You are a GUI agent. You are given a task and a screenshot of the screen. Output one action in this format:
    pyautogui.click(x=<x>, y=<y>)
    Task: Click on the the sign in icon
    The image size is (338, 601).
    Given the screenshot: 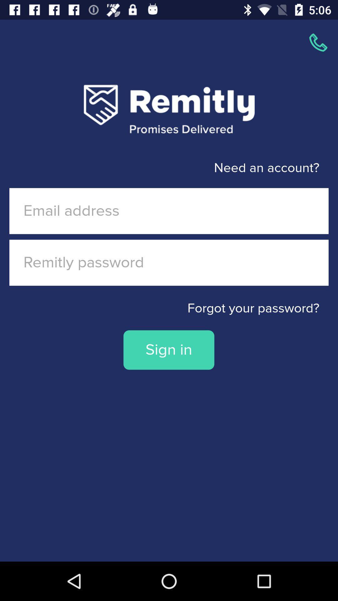 What is the action you would take?
    pyautogui.click(x=168, y=350)
    